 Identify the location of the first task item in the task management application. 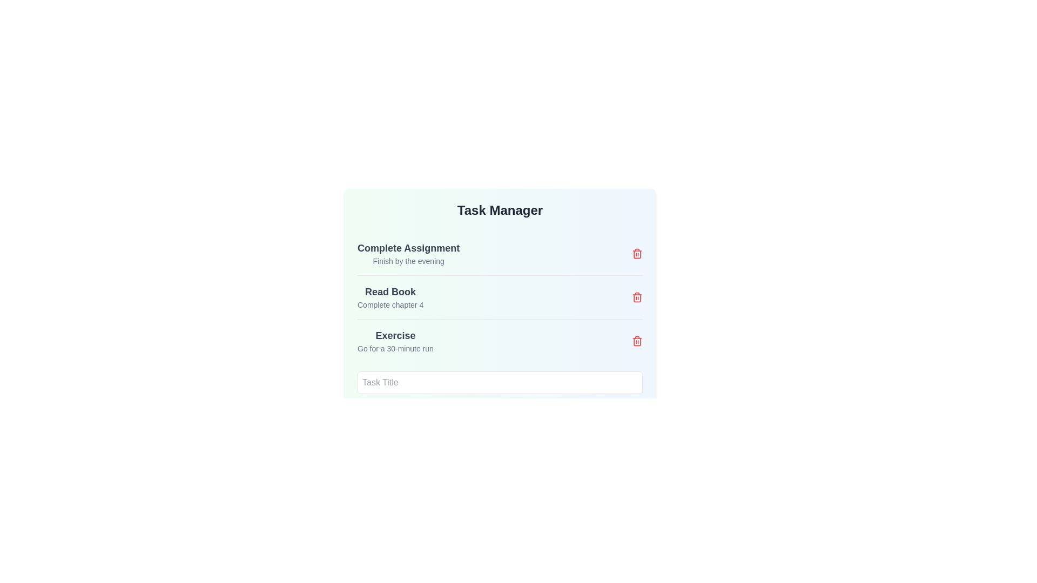
(500, 254).